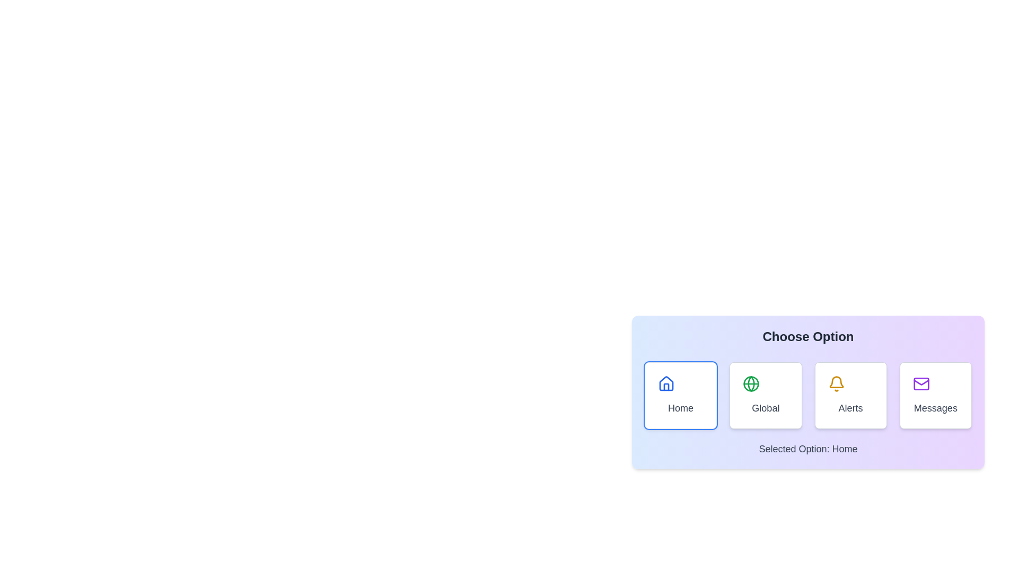 This screenshot has width=1018, height=572. Describe the element at coordinates (920, 384) in the screenshot. I see `the 'Messages' icon located in the bottom-right card of the menu` at that location.